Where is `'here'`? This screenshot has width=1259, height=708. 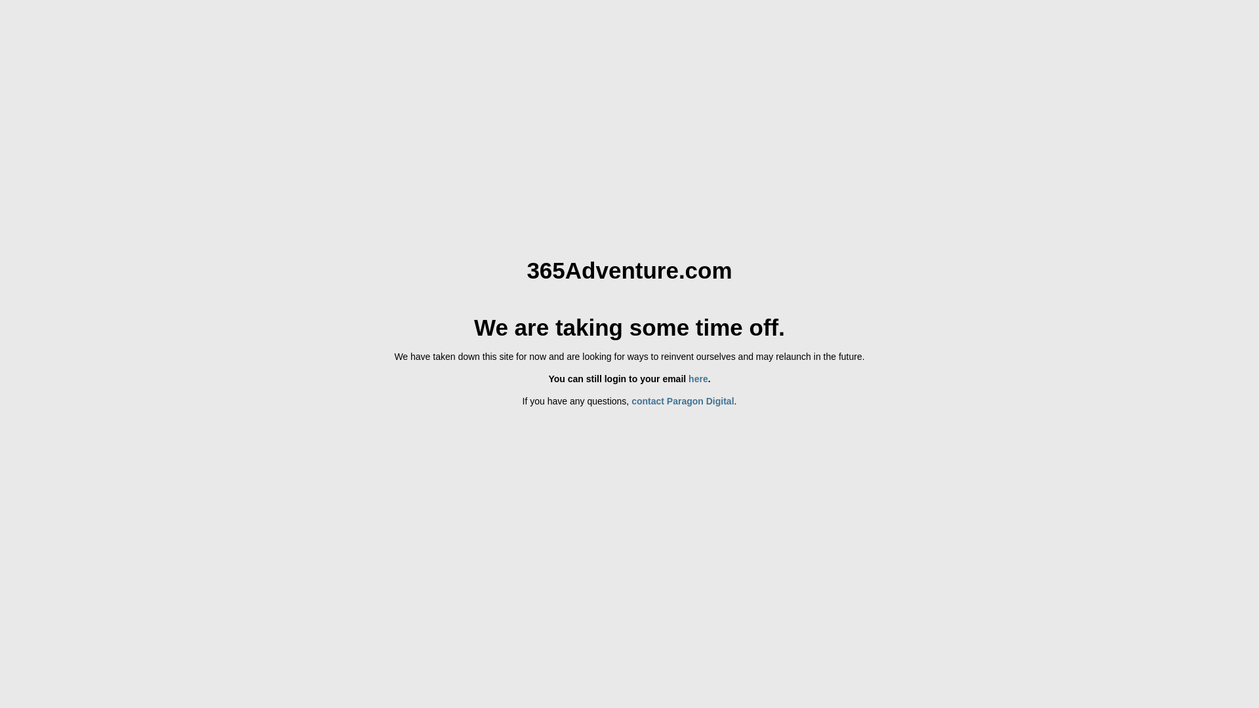
'here' is located at coordinates (698, 379).